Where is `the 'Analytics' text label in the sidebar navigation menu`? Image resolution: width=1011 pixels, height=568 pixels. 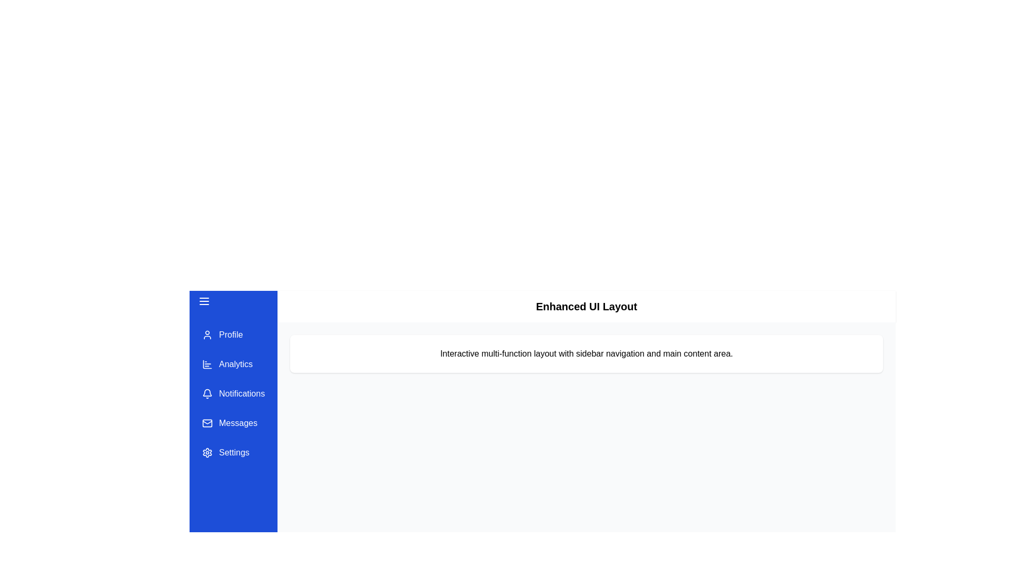
the 'Analytics' text label in the sidebar navigation menu is located at coordinates (235, 364).